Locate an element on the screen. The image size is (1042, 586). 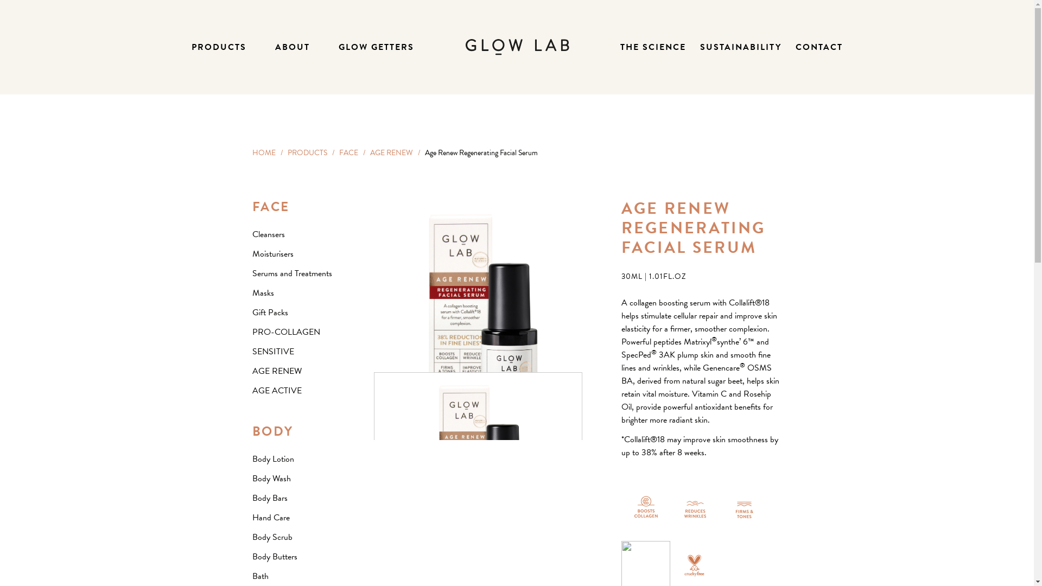
'ABOUT' is located at coordinates (291, 47).